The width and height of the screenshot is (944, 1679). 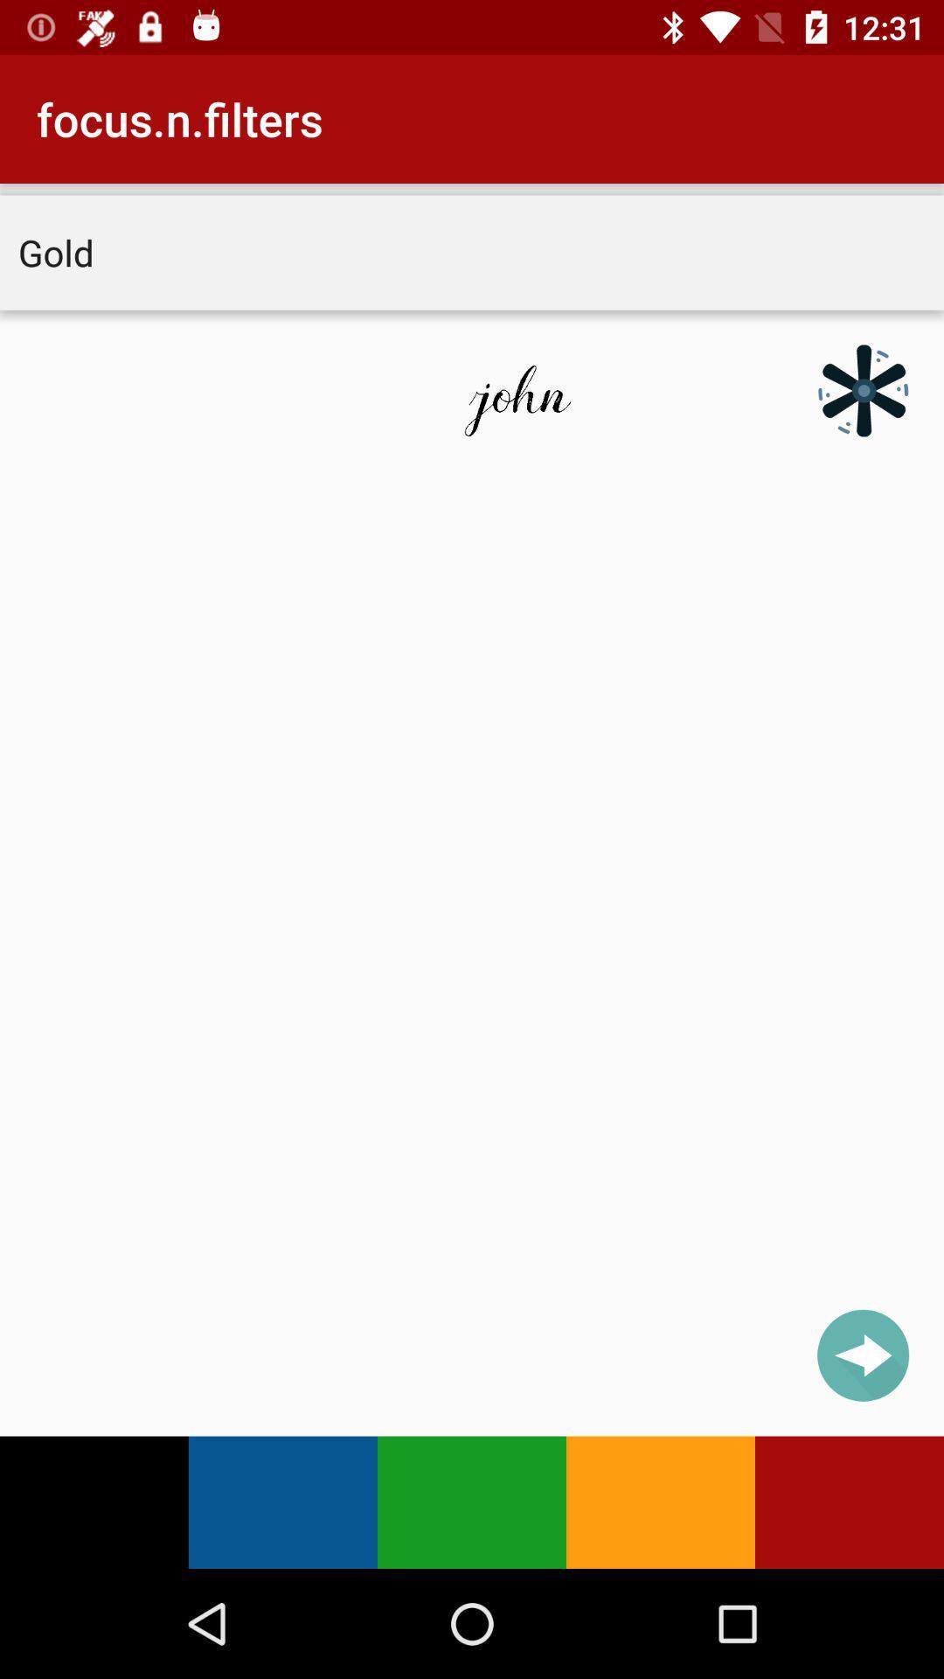 I want to click on icon at the top right corner, so click(x=862, y=389).